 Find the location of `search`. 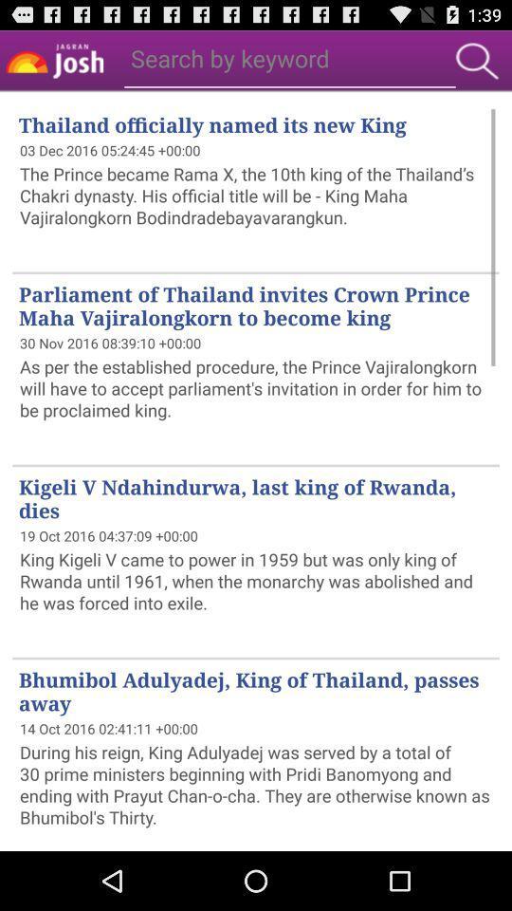

search is located at coordinates (476, 61).